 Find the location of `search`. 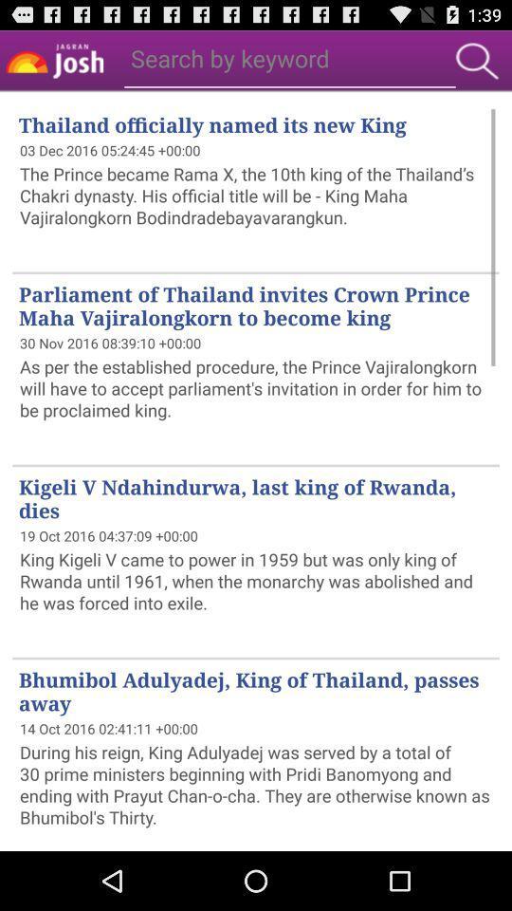

search is located at coordinates (476, 61).